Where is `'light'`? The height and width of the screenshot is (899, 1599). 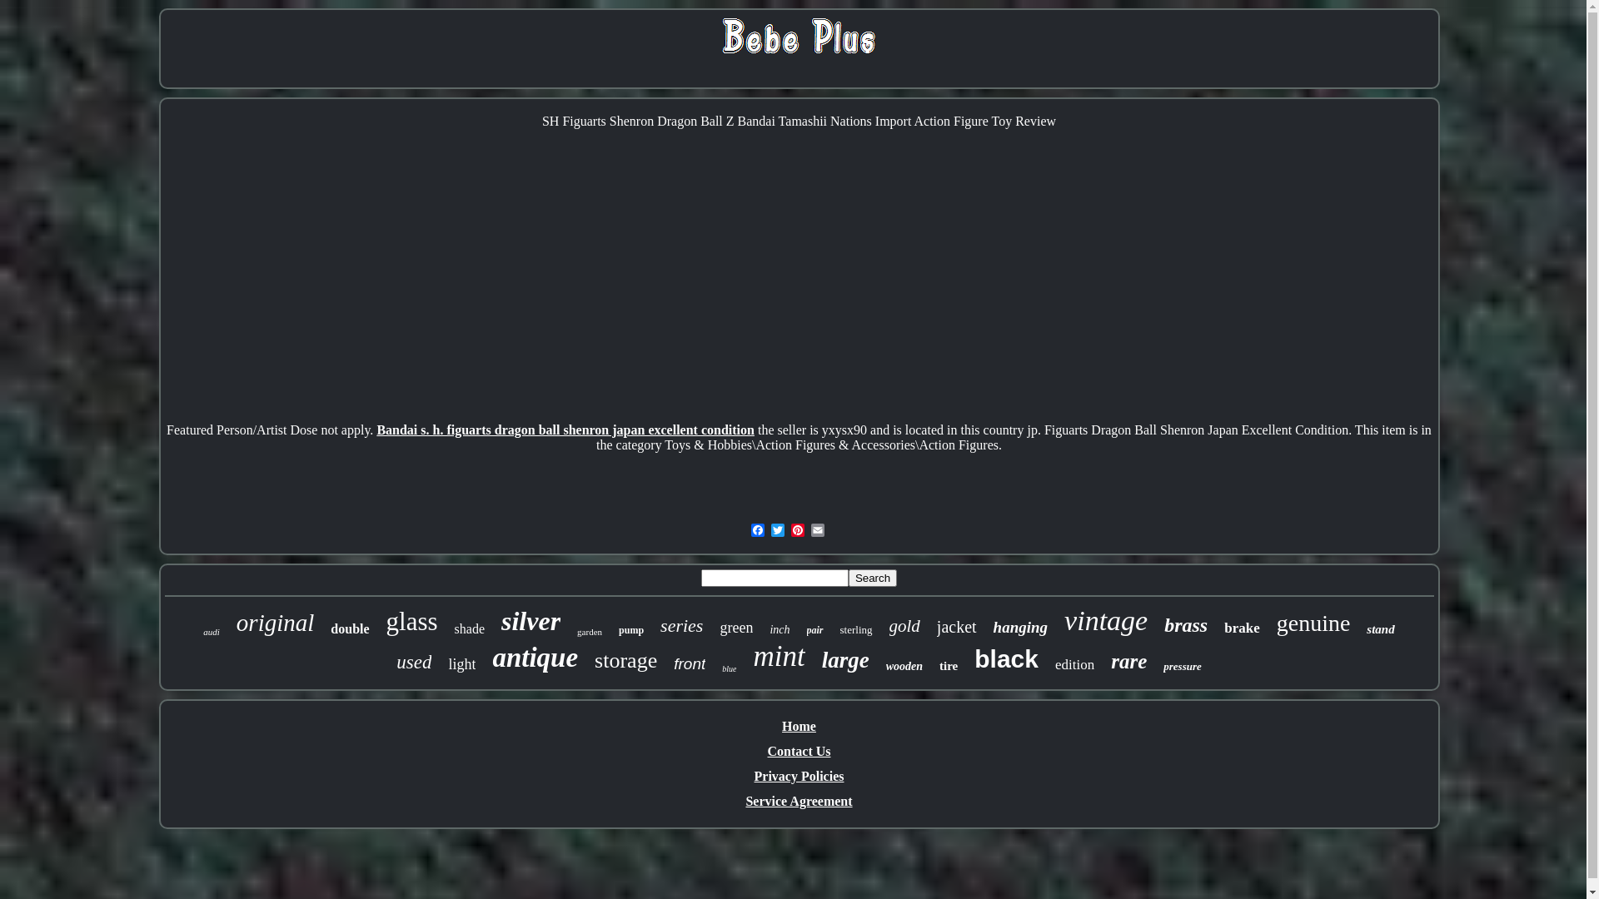
'light' is located at coordinates (447, 663).